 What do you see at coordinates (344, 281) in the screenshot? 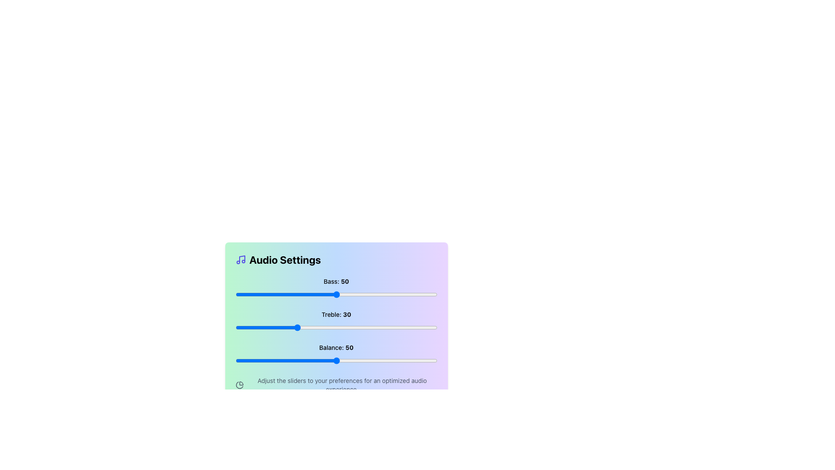
I see `the bold number '50' displayed in the 'Audio Settings' section` at bounding box center [344, 281].